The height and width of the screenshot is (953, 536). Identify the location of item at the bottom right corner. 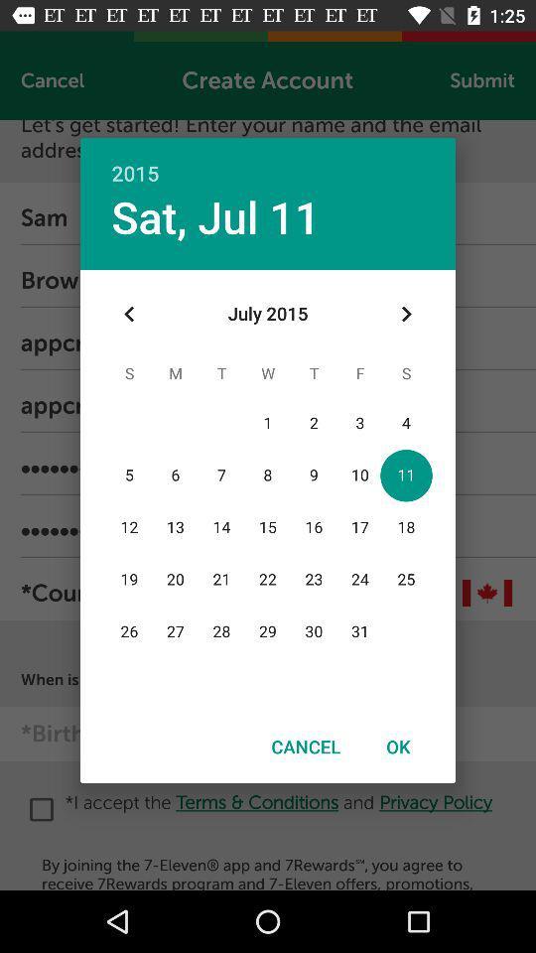
(398, 746).